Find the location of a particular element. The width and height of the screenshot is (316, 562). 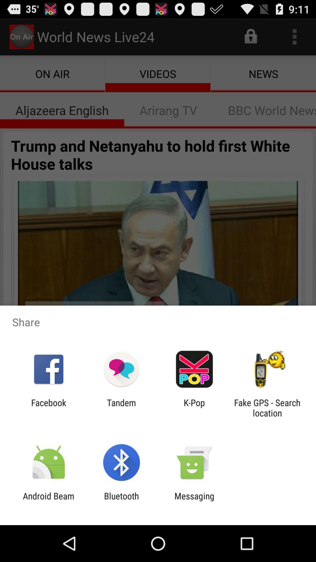

the facebook app is located at coordinates (48, 407).